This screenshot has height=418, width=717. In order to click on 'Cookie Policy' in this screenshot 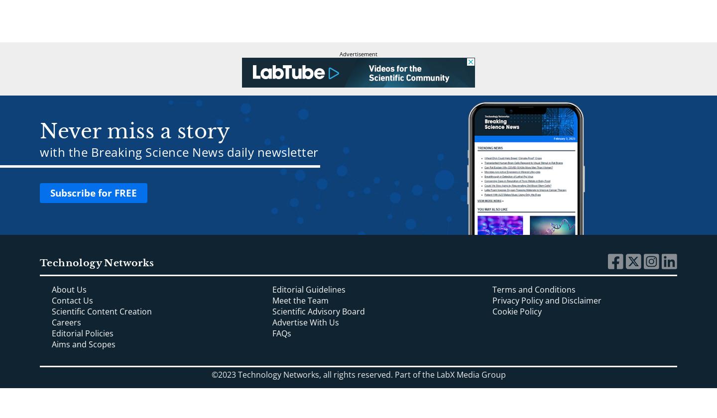, I will do `click(517, 311)`.